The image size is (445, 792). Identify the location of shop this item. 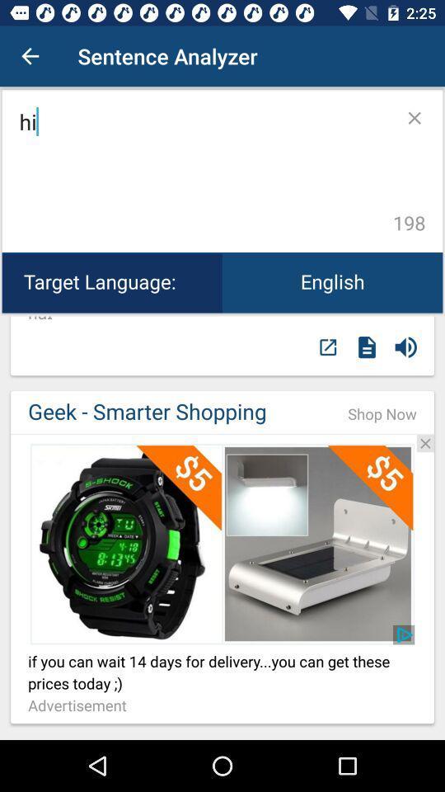
(222, 543).